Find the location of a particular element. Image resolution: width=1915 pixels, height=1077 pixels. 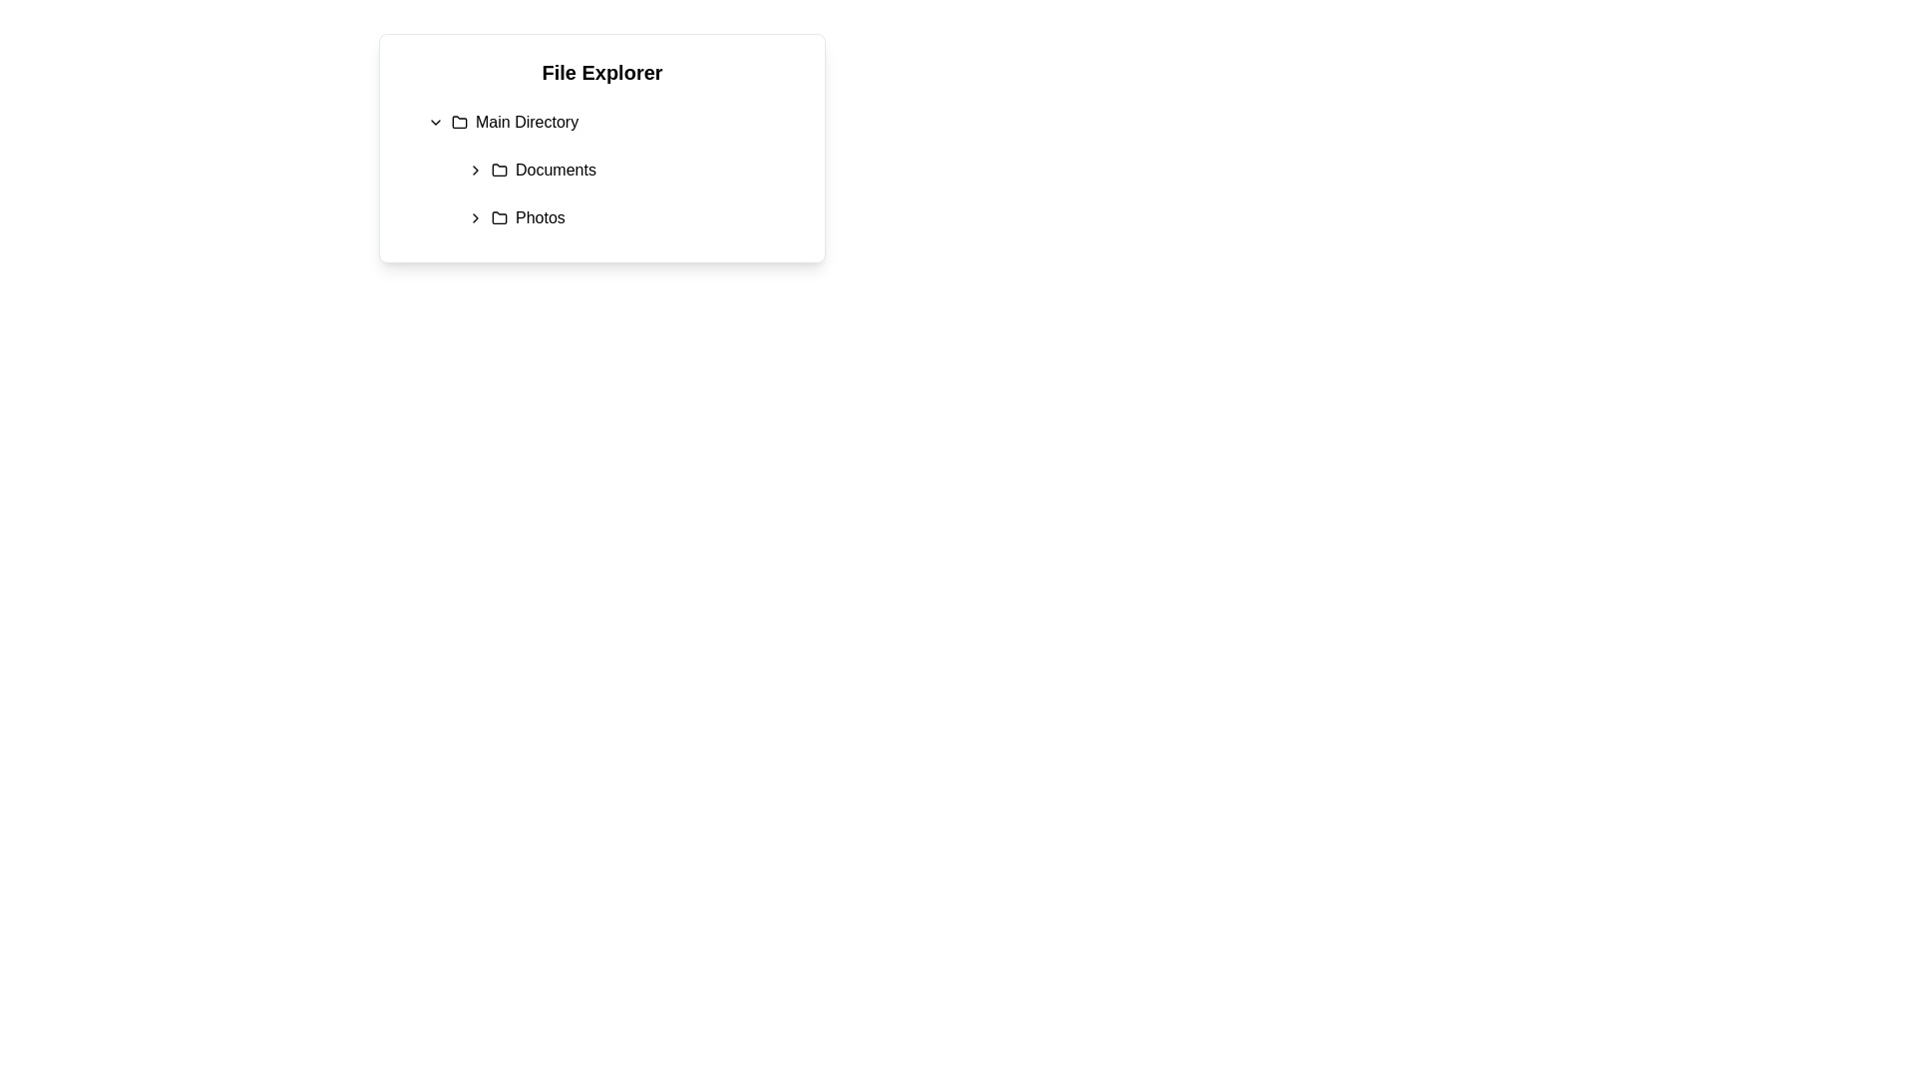

the Directory Label representing the main directory is located at coordinates (515, 123).